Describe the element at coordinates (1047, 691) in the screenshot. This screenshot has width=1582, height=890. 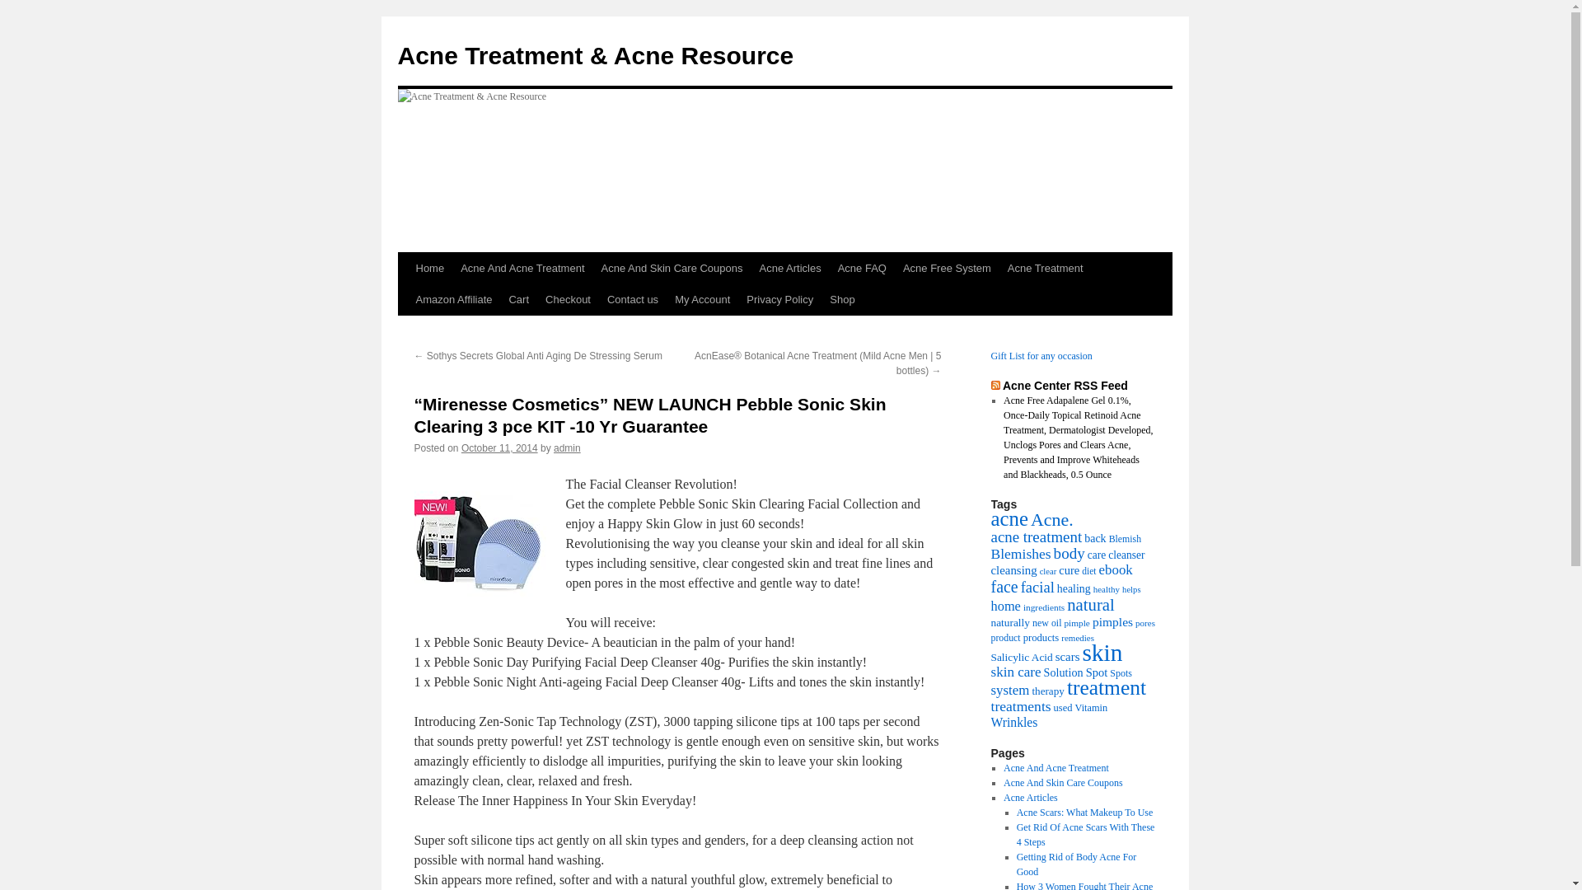
I see `'therapy'` at that location.